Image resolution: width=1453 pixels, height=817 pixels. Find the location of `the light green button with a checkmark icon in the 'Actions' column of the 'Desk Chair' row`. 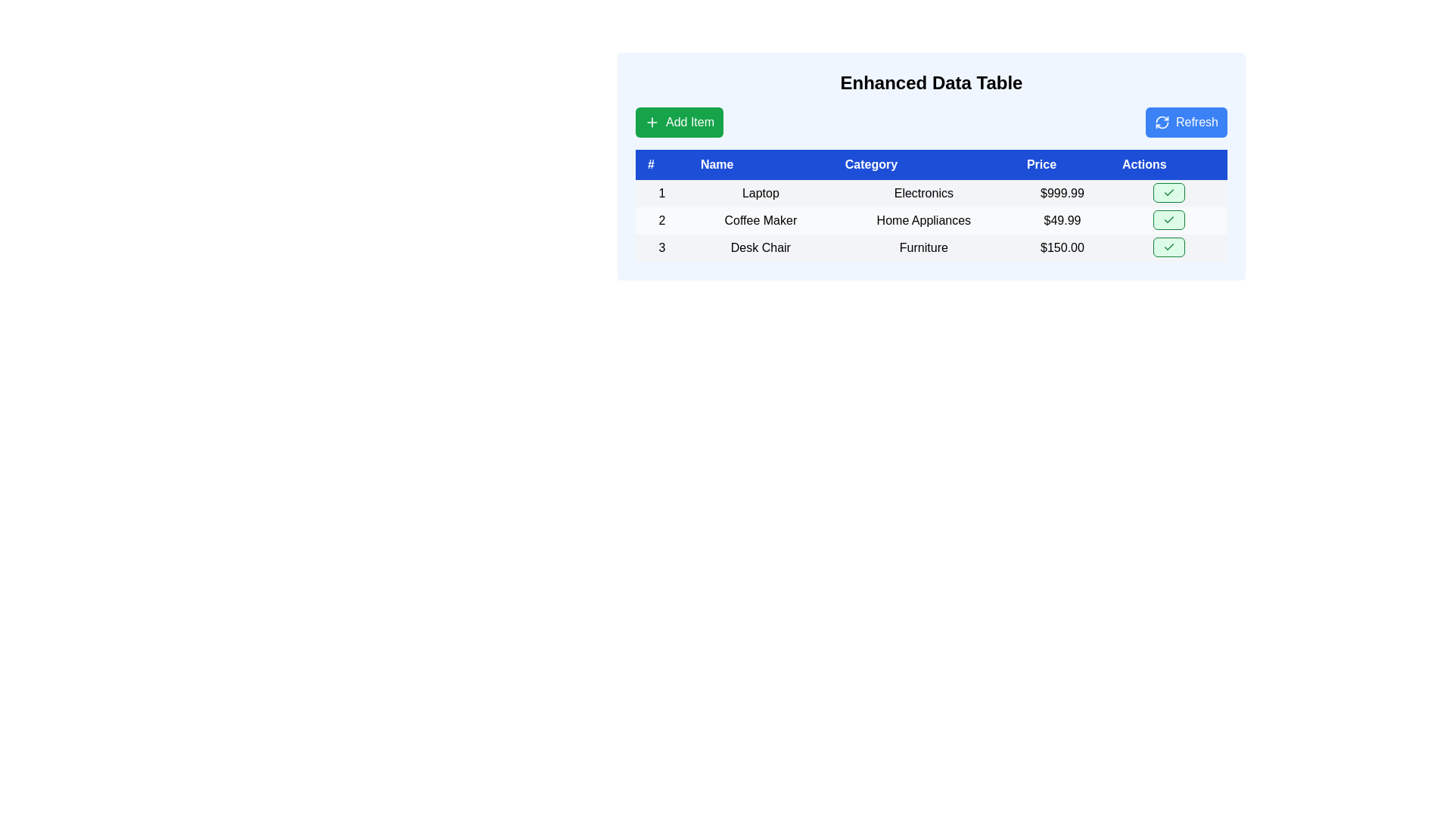

the light green button with a checkmark icon in the 'Actions' column of the 'Desk Chair' row is located at coordinates (1168, 247).